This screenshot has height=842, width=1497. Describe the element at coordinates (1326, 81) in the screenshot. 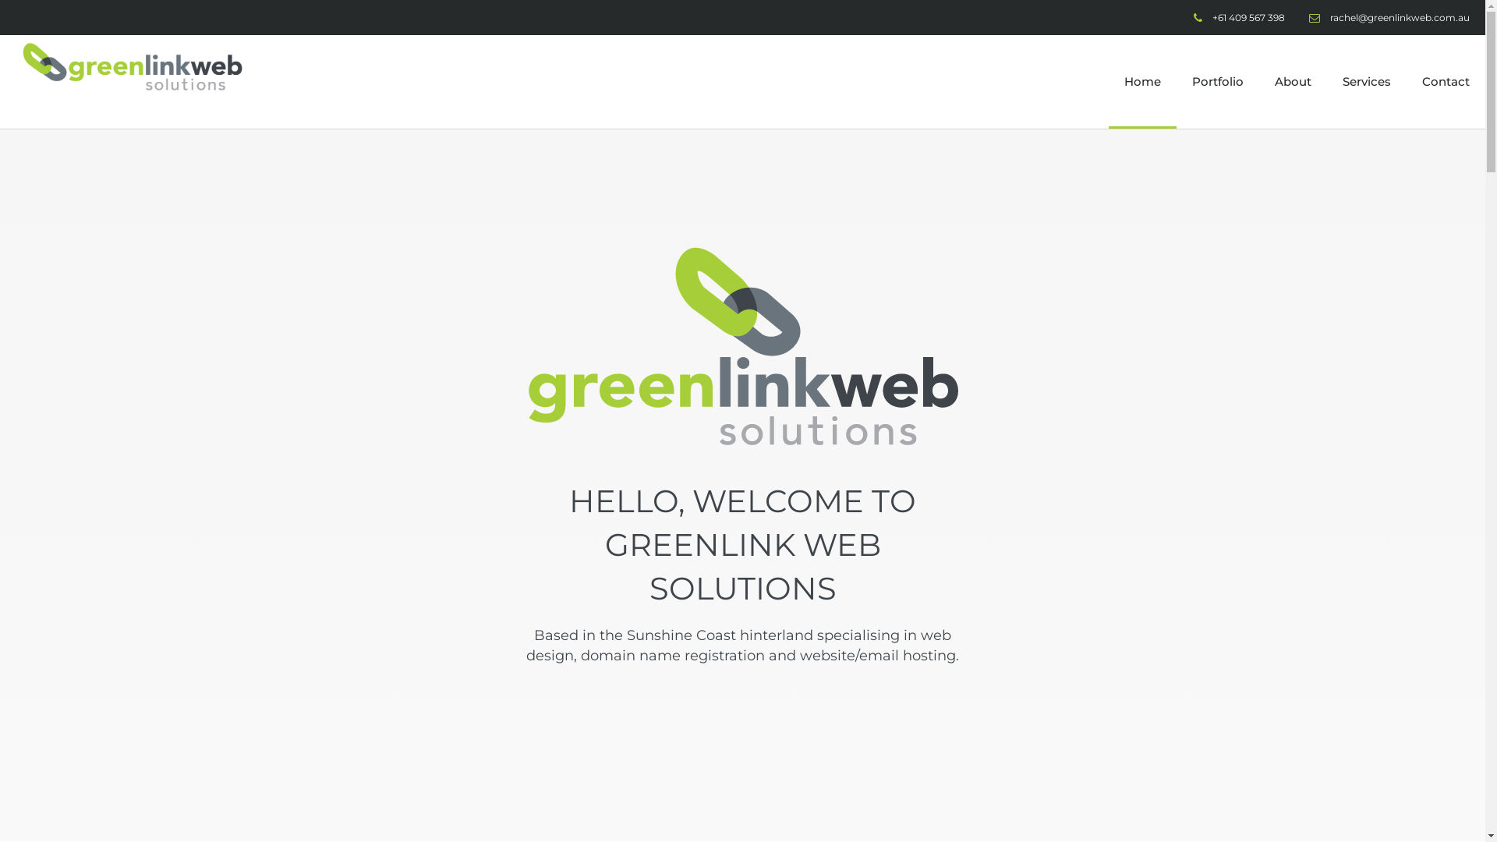

I see `'Services'` at that location.